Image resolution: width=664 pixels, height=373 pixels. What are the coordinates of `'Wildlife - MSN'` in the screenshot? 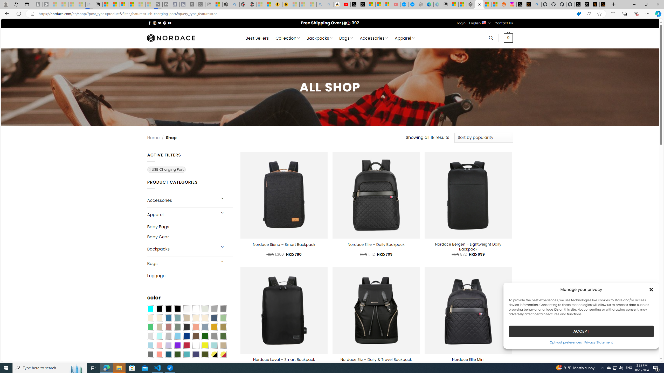 It's located at (218, 4).